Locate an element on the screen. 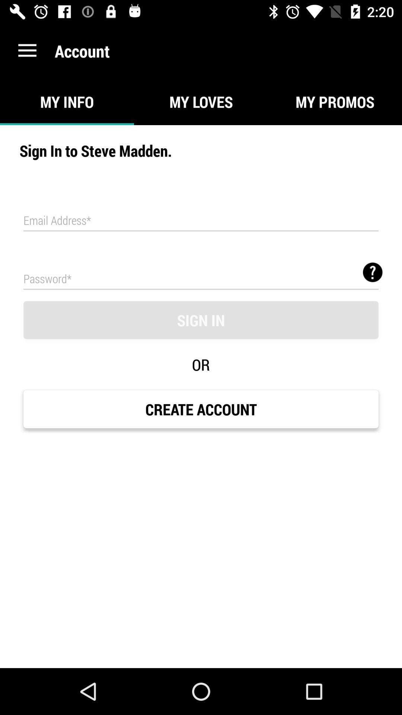  item above the sign in is located at coordinates (201, 278).